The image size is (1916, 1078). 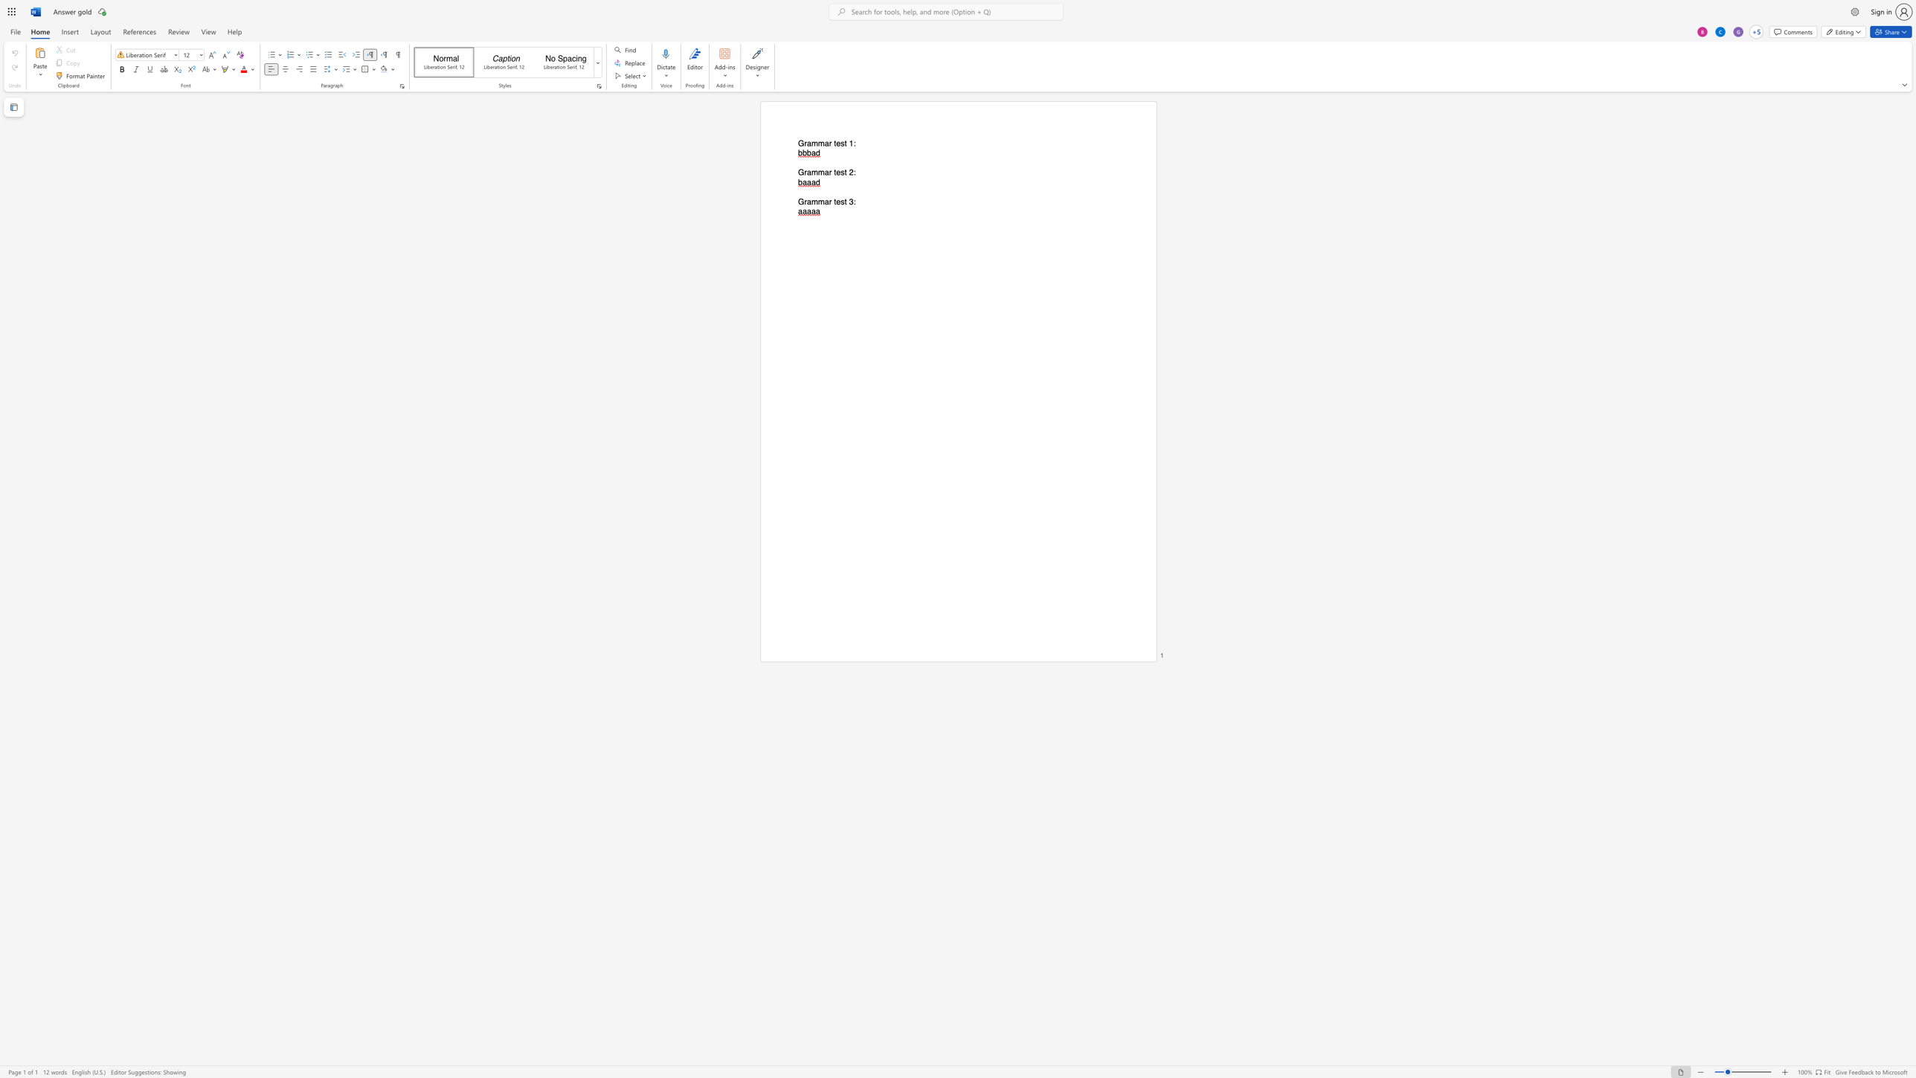 What do you see at coordinates (852, 143) in the screenshot?
I see `the space between the continuous character "1" and ":" in the text` at bounding box center [852, 143].